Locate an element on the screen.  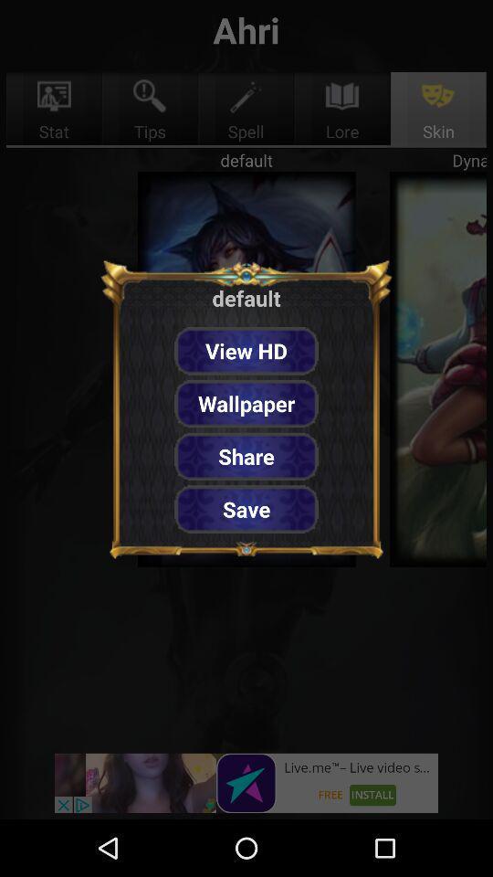
wallpaper icon is located at coordinates (246, 404).